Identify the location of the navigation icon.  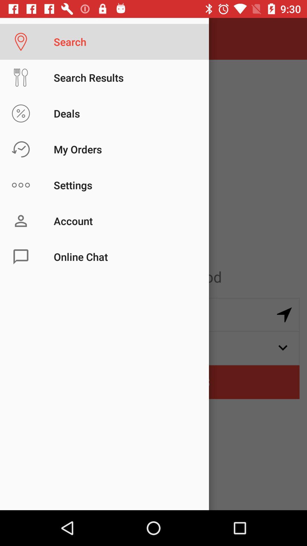
(284, 315).